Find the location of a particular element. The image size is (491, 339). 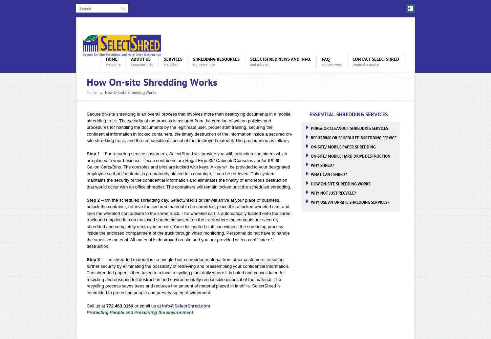

'– The shredded material is co-mingled with shredded material from other customers, ensuring further security by eliminating the possibility of retrieving and reassembling your confidential information. The shredded paper is then taken to a local recycling plant daily where it is baled and consolidated for recycling and ensuring full destruction and environmentally responsible disposal of the material. The recycling process saves trees and reduces the amount of material placed in landfills. SelectShred is committed to protecting people and preserving the environment.' is located at coordinates (188, 276).